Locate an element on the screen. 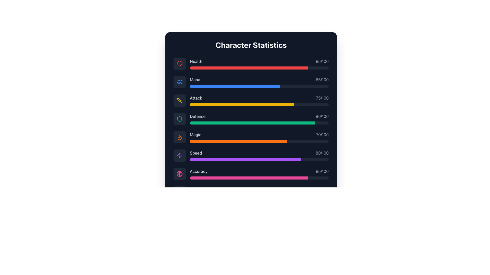  the progress bar representing the 'Magic' statistic, which is centrally aligned under the 'Character Statistics' subtitle is located at coordinates (238, 141).